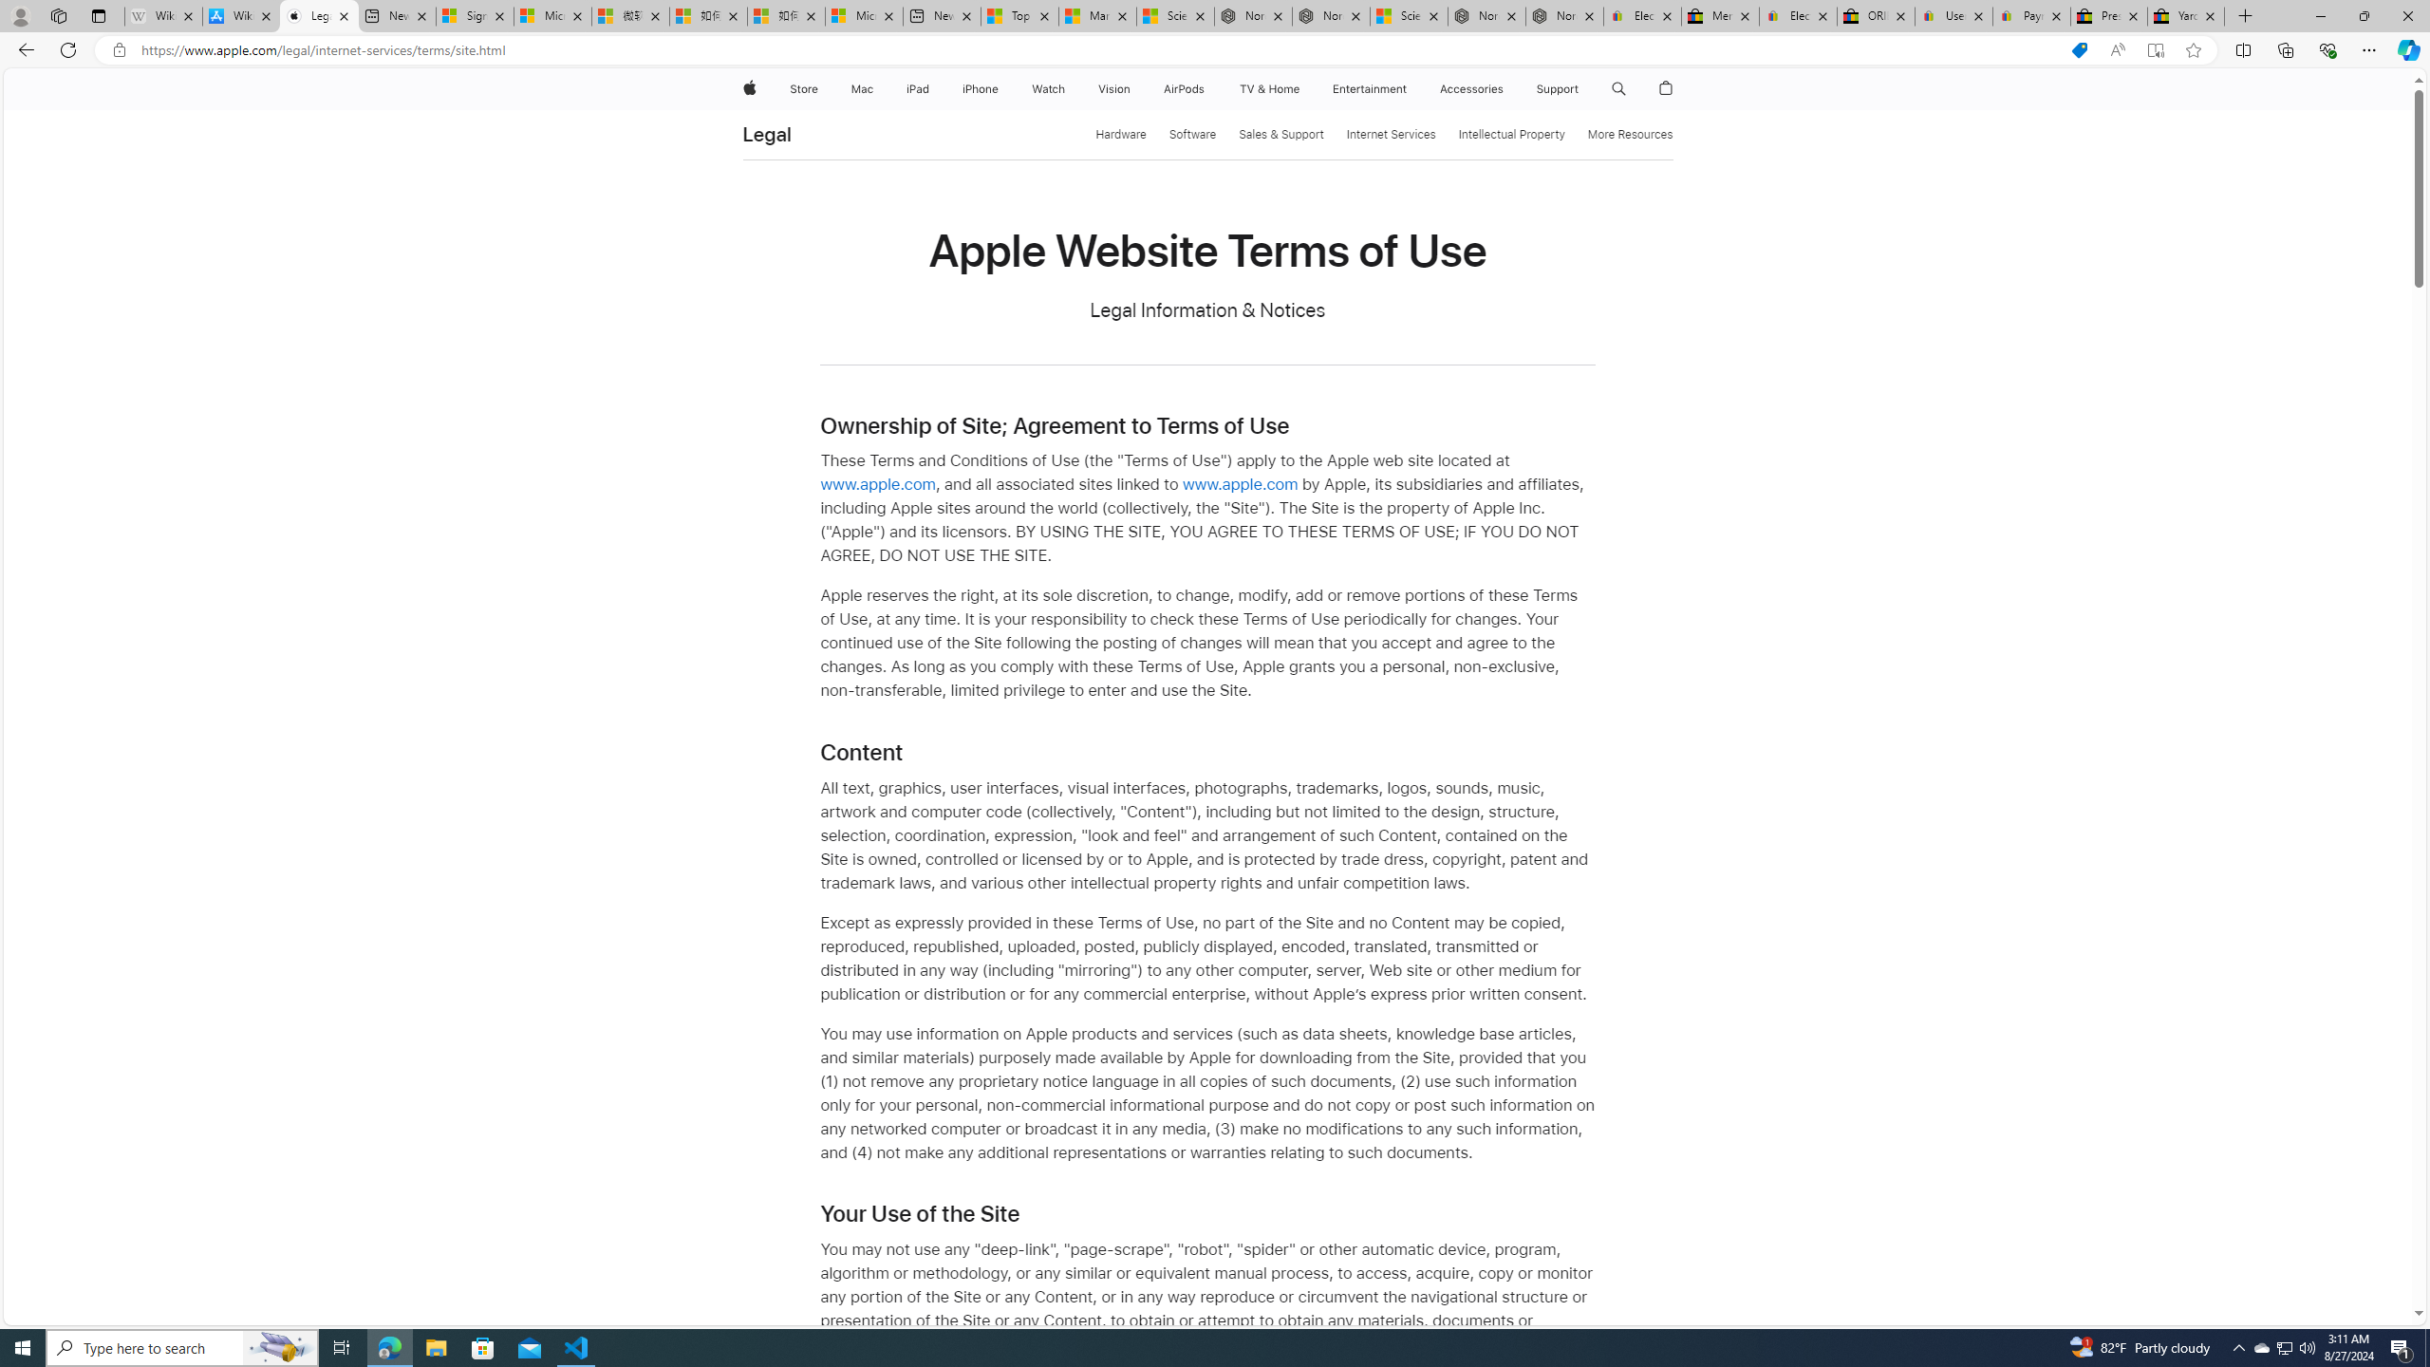 This screenshot has width=2430, height=1367. What do you see at coordinates (917, 88) in the screenshot?
I see `'iPad'` at bounding box center [917, 88].